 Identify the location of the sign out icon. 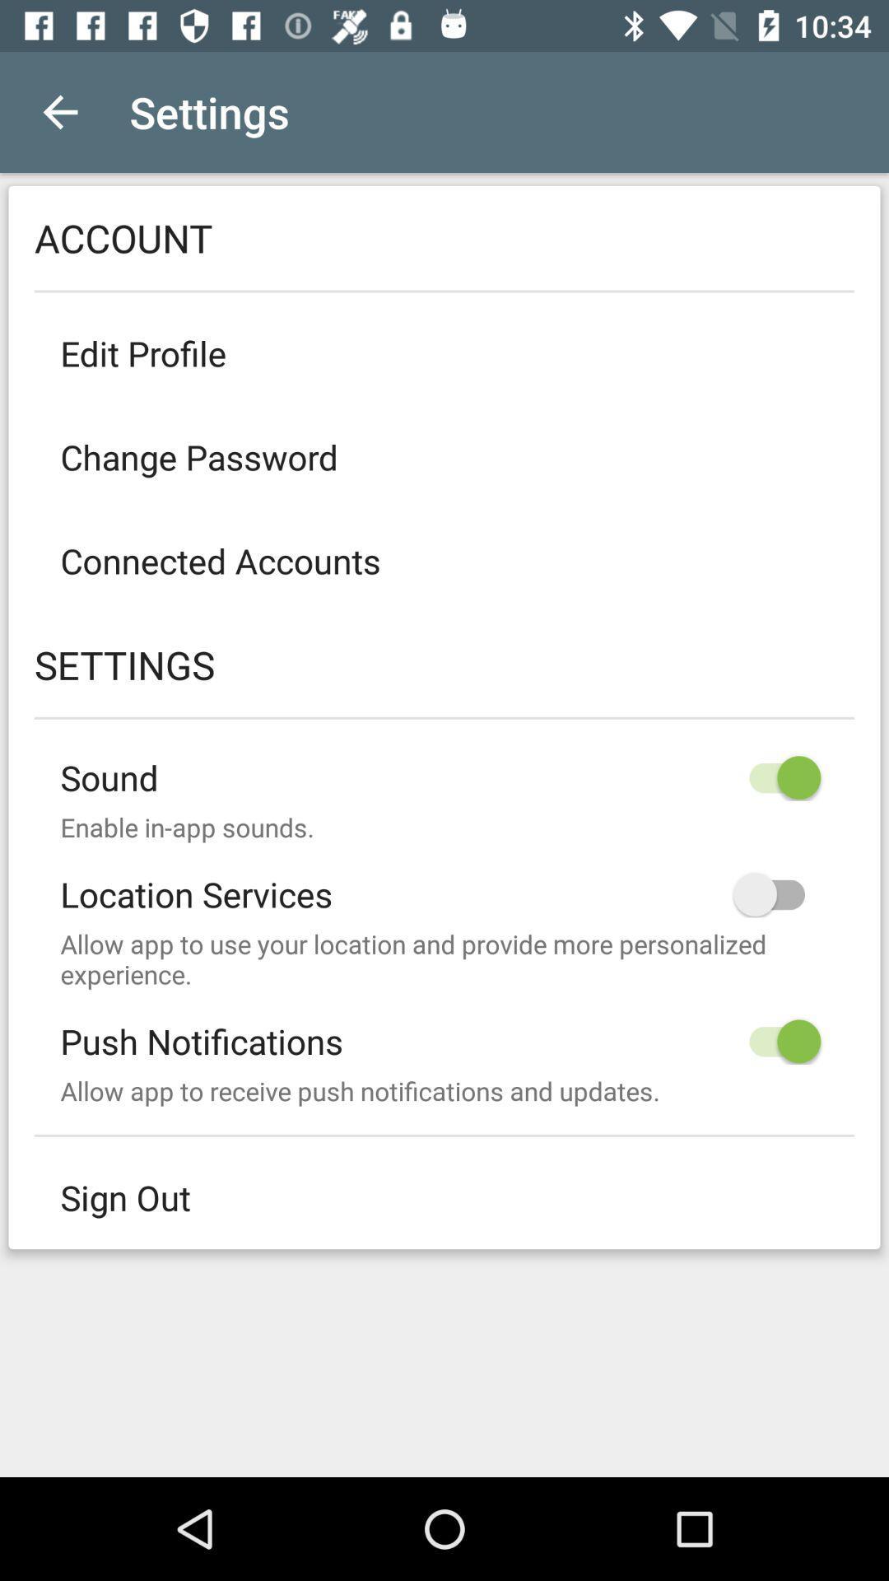
(444, 1197).